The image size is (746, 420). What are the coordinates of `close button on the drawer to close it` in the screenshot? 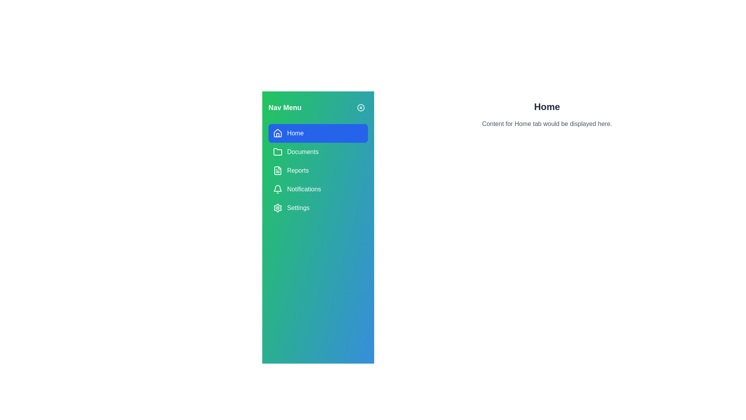 It's located at (361, 108).